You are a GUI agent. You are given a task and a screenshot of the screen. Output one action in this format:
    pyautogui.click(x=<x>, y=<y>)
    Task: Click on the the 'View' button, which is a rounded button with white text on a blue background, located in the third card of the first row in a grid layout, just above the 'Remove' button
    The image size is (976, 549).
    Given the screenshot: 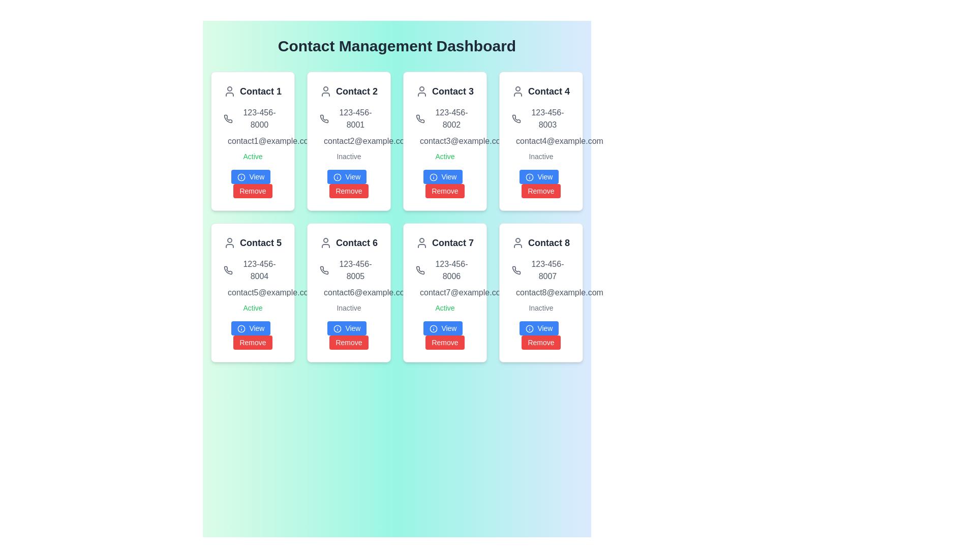 What is the action you would take?
    pyautogui.click(x=443, y=176)
    